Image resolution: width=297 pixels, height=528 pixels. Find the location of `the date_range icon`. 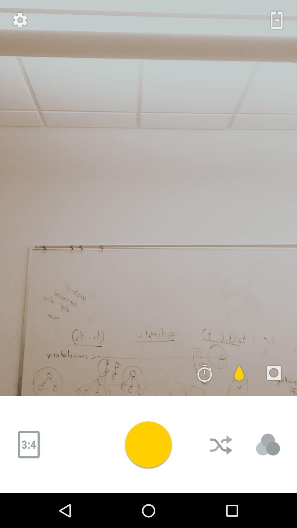

the date_range icon is located at coordinates (277, 20).